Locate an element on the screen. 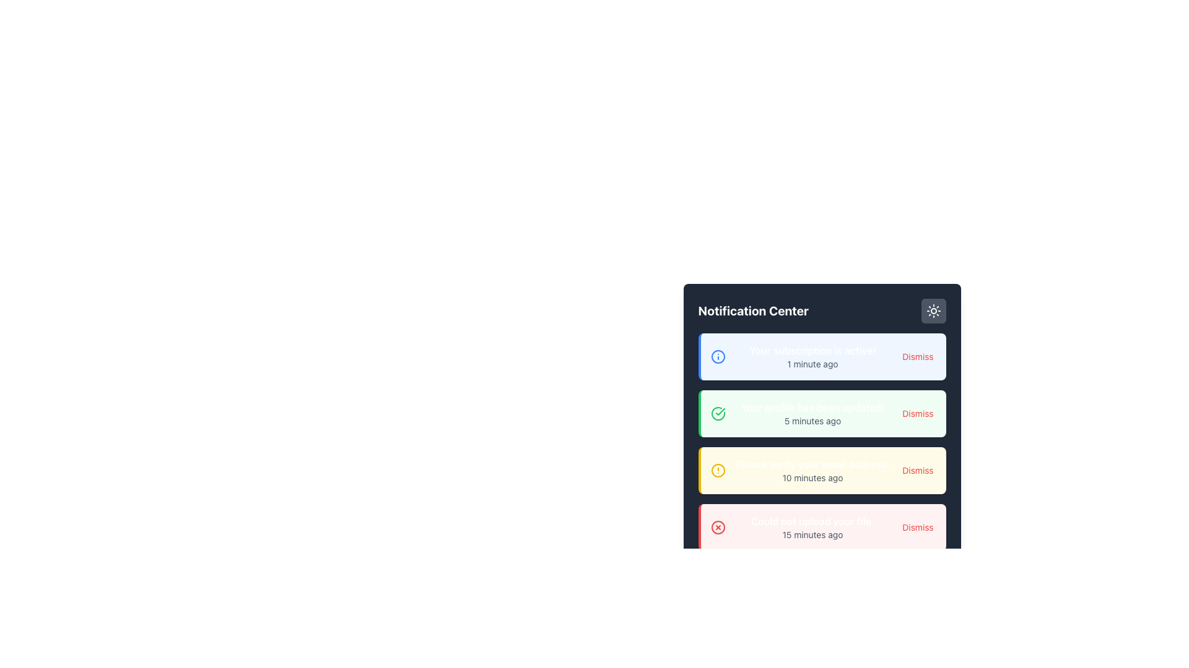  timestamp information from the text label displaying '1 minute ago' in the Notification Center, located slightly to the right of the message 'Your subscription is active!' is located at coordinates (812, 364).